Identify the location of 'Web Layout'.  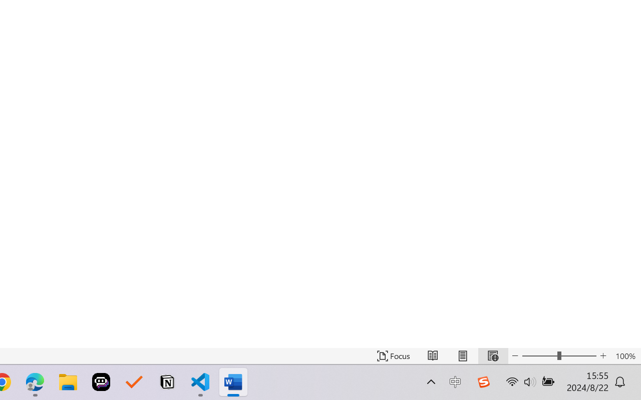
(493, 355).